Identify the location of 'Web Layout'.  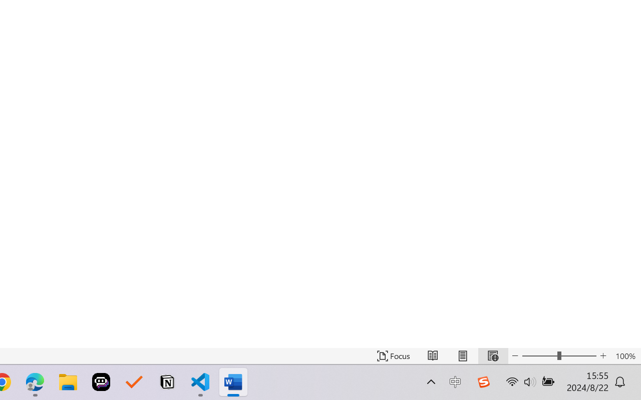
(493, 355).